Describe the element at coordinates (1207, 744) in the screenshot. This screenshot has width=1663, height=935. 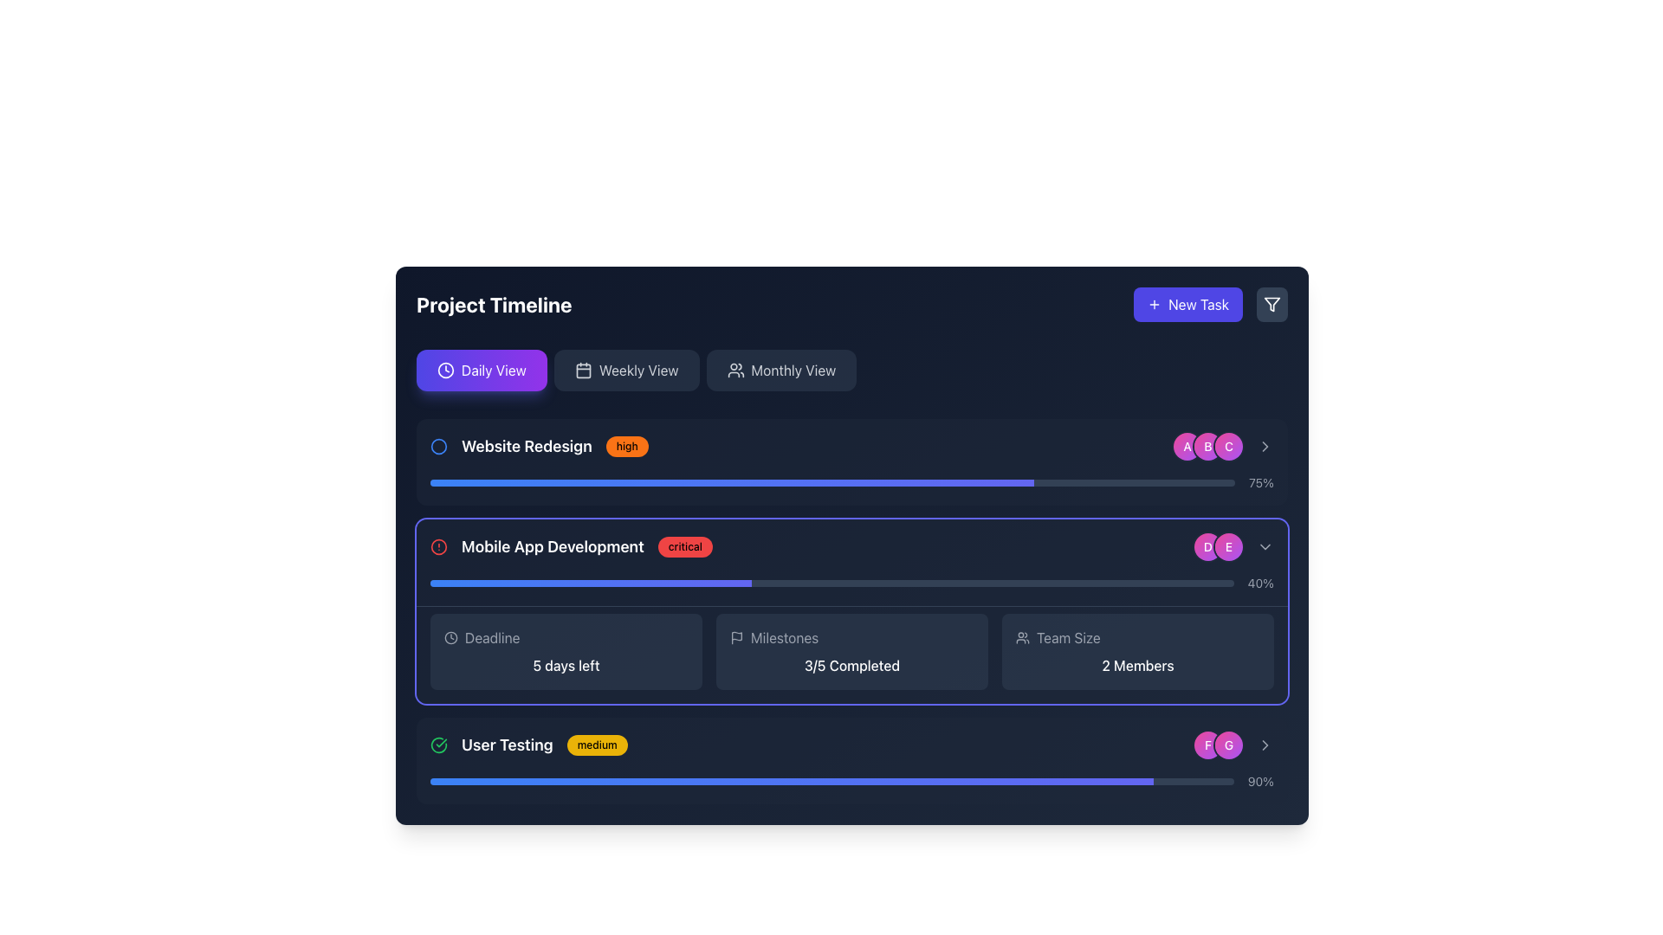
I see `the circular avatar displaying the initial 'F', located to the left of the 'G' icon in the User Testing section` at that location.